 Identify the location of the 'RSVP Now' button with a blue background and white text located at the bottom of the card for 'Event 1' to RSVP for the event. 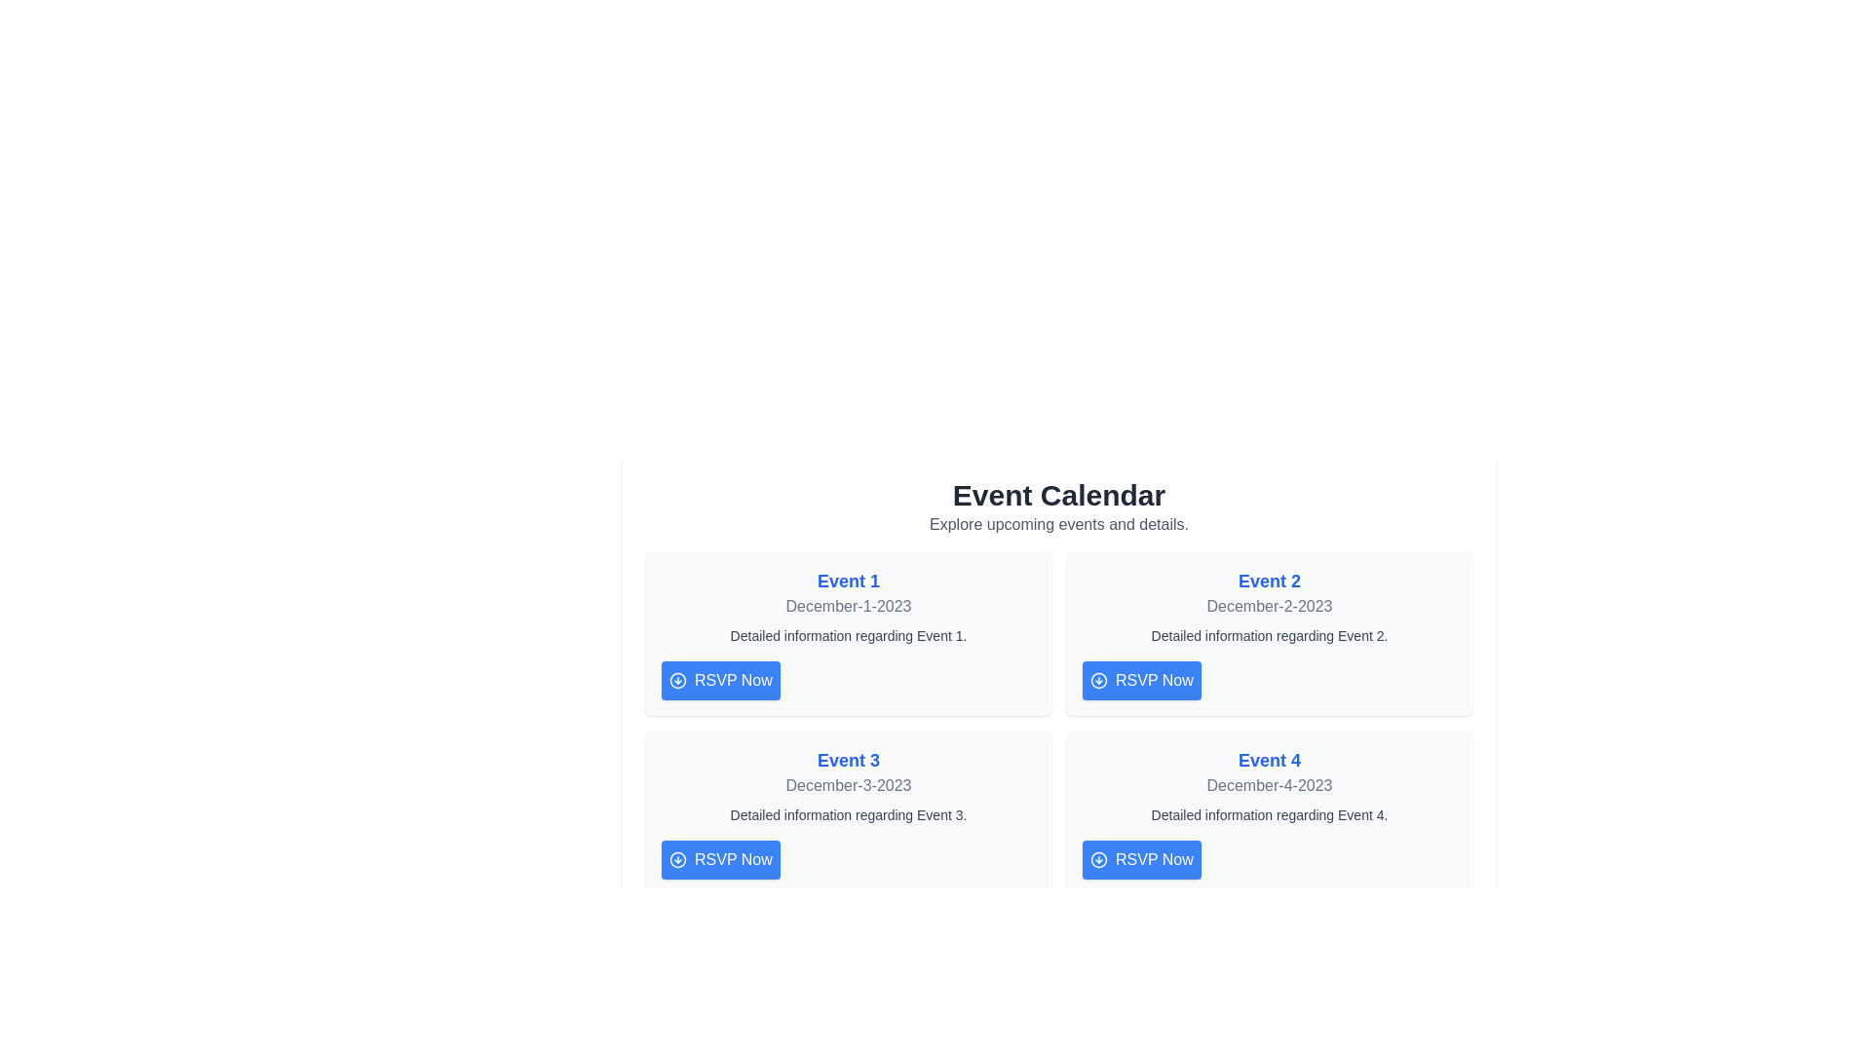
(719, 679).